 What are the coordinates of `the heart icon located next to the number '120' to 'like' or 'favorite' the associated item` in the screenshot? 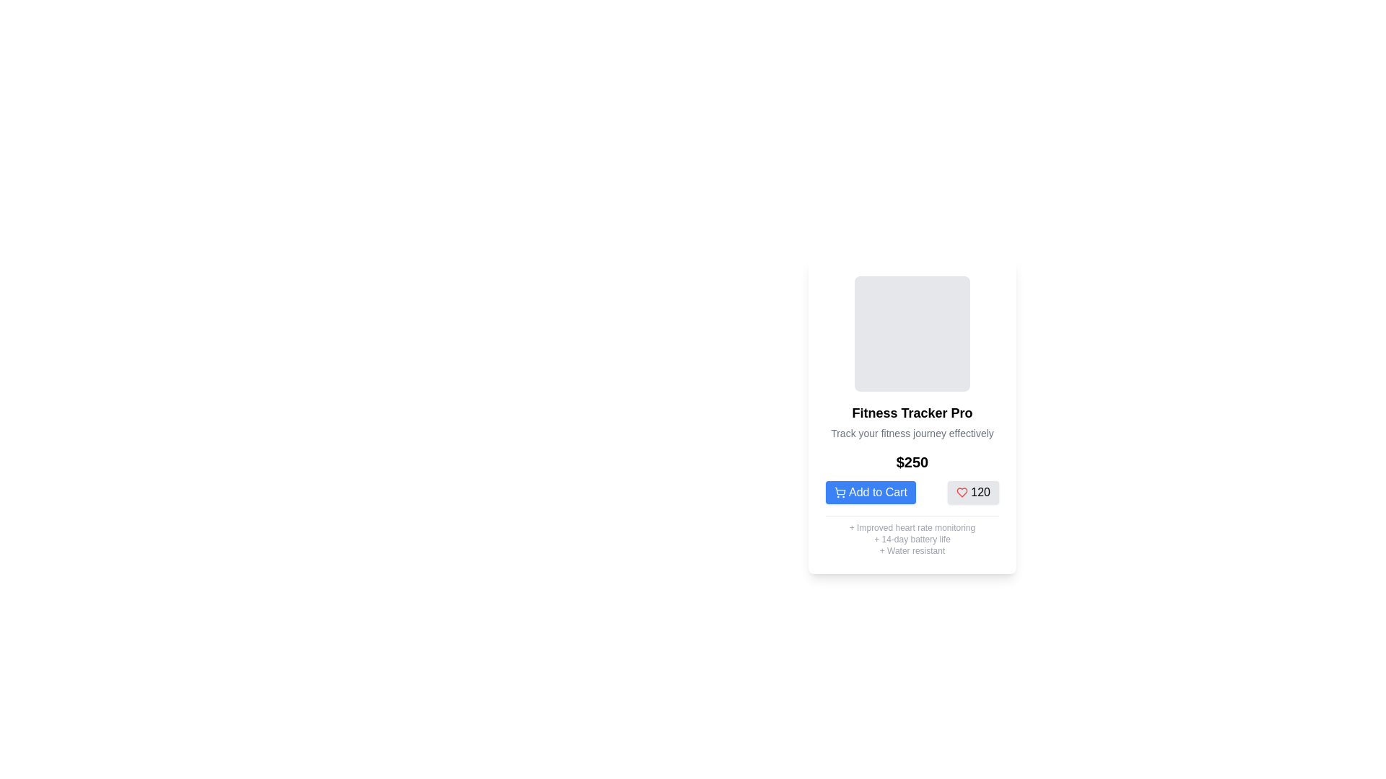 It's located at (962, 491).